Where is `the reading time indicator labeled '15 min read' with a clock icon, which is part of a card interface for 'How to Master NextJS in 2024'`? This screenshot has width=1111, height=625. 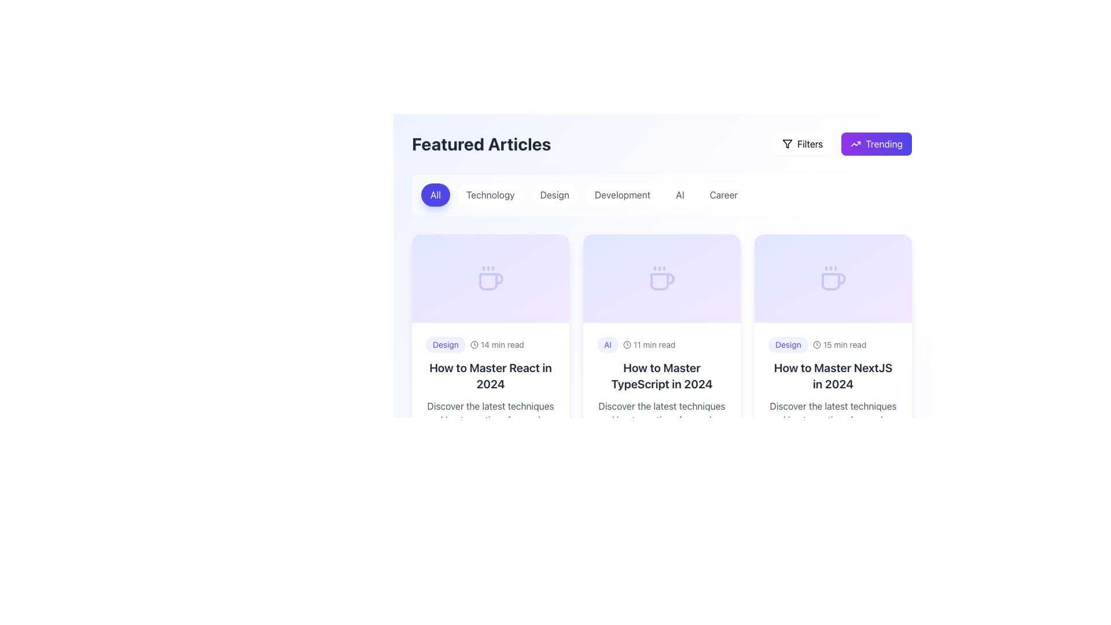 the reading time indicator labeled '15 min read' with a clock icon, which is part of a card interface for 'How to Master NextJS in 2024' is located at coordinates (840, 344).